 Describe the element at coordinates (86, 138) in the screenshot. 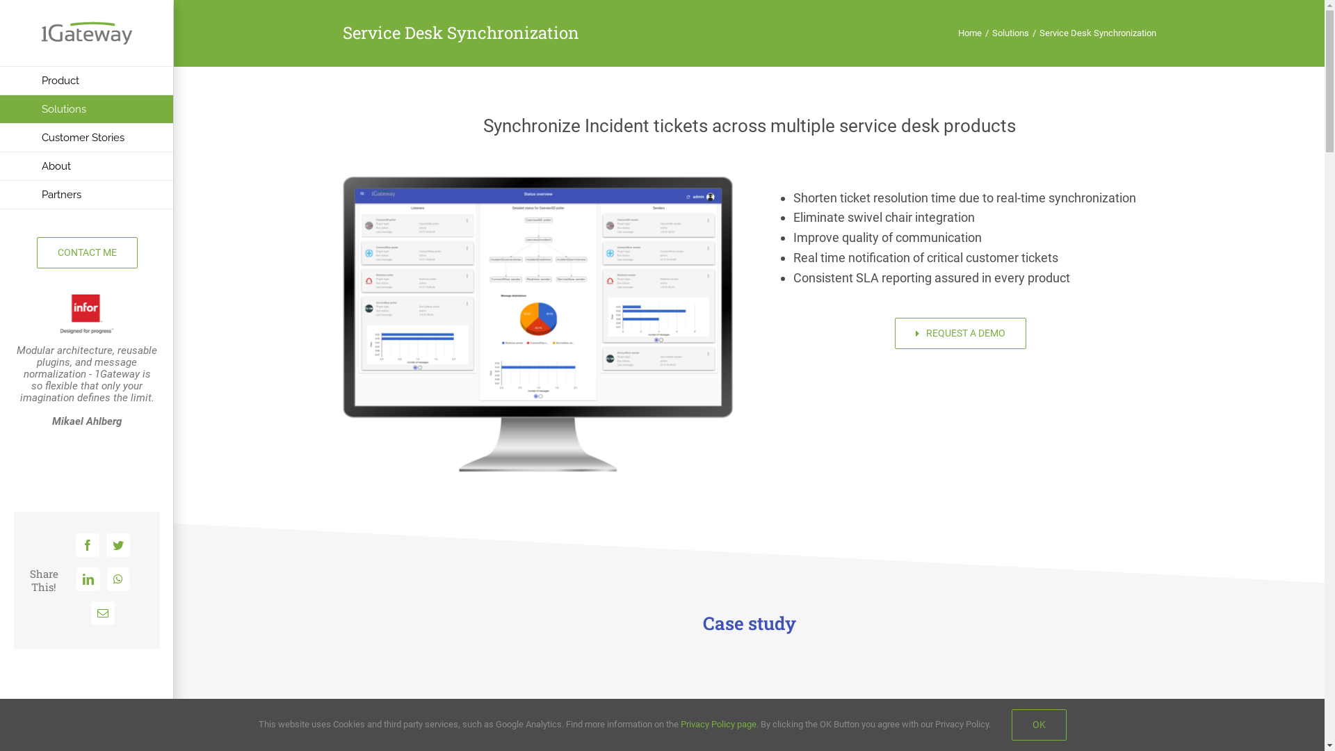

I see `'Customer Stories'` at that location.